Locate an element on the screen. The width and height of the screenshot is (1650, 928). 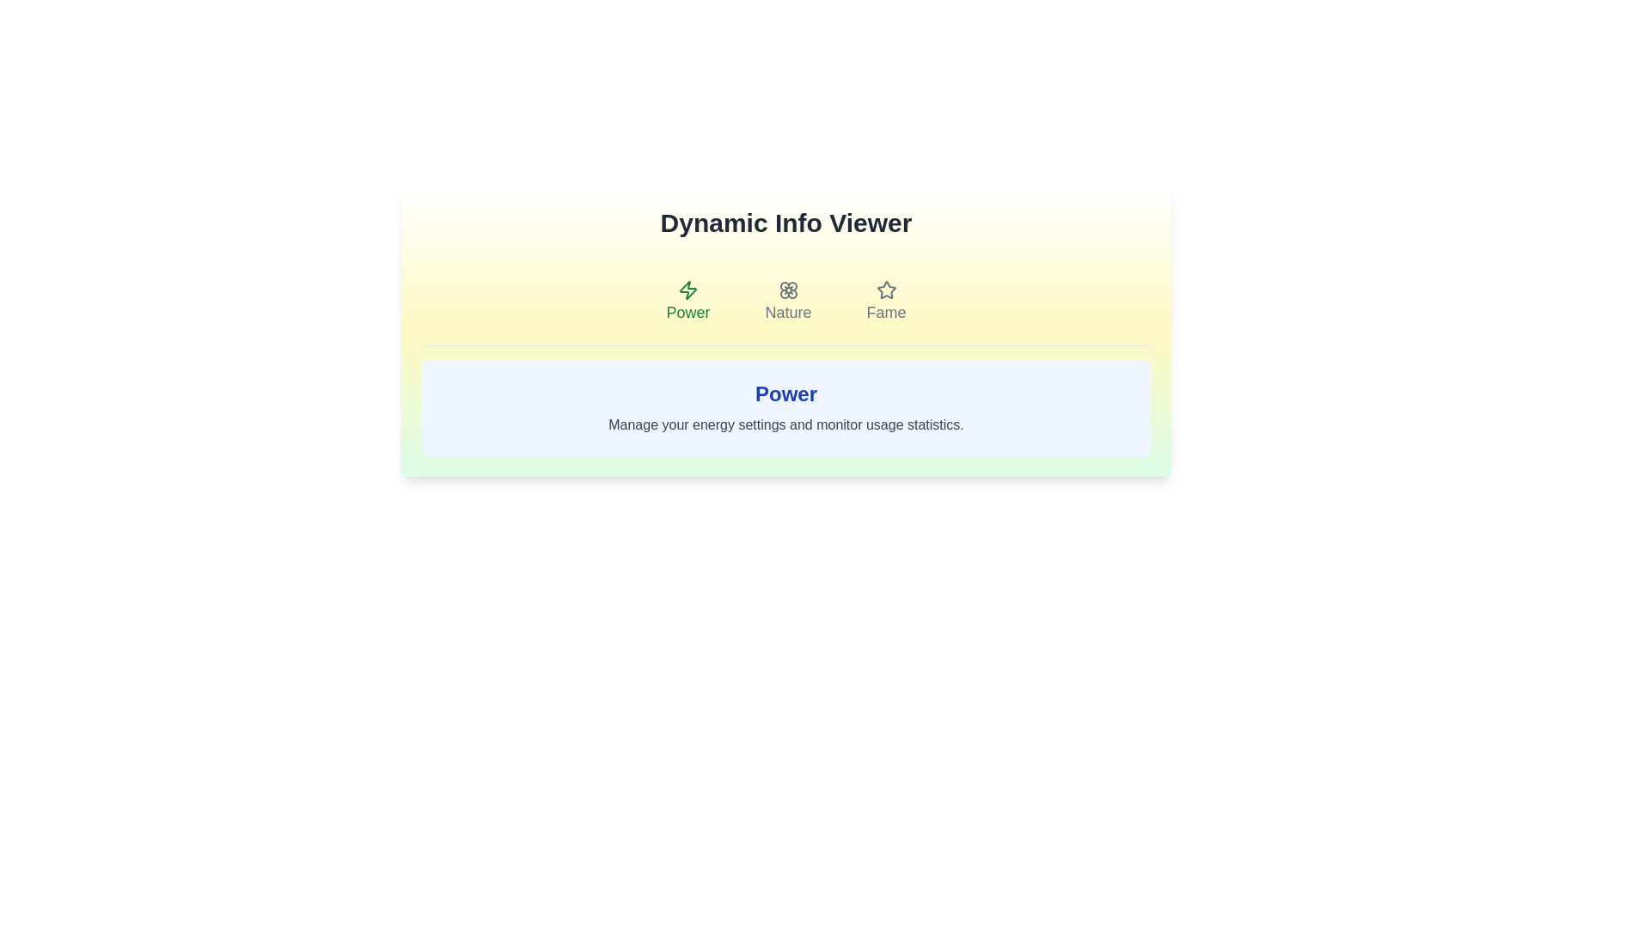
the Nature tab to display its related content is located at coordinates (787, 301).